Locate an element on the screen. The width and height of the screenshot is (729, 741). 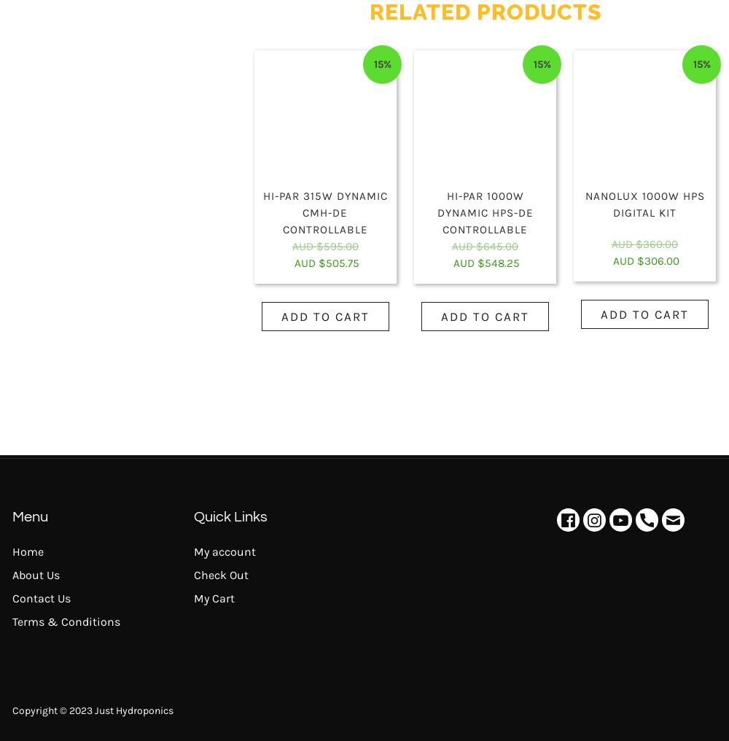
'Just Hydroponics' is located at coordinates (134, 710).